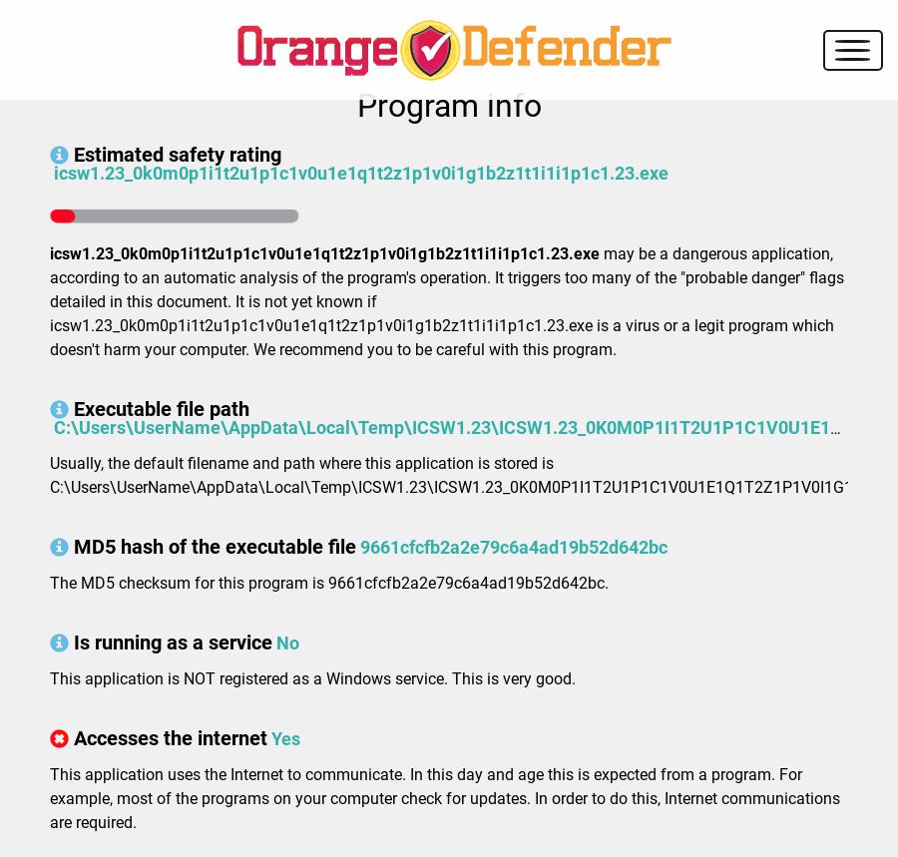 Image resolution: width=898 pixels, height=857 pixels. What do you see at coordinates (162, 409) in the screenshot?
I see `'Executable file path'` at bounding box center [162, 409].